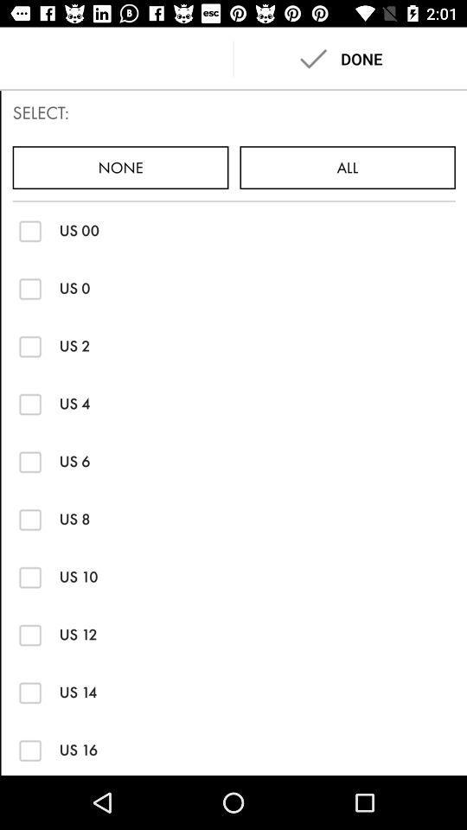 Image resolution: width=467 pixels, height=830 pixels. What do you see at coordinates (30, 288) in the screenshot?
I see `size 0 option` at bounding box center [30, 288].